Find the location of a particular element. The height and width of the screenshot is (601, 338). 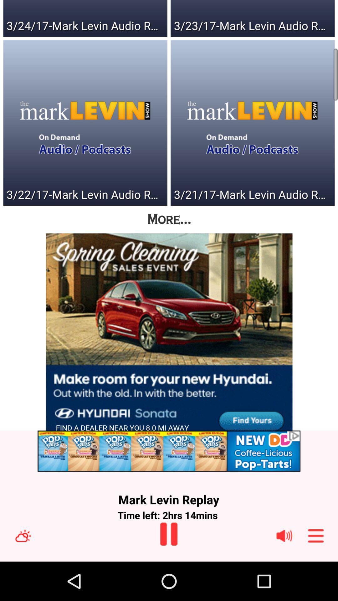

the volume icon is located at coordinates (284, 573).